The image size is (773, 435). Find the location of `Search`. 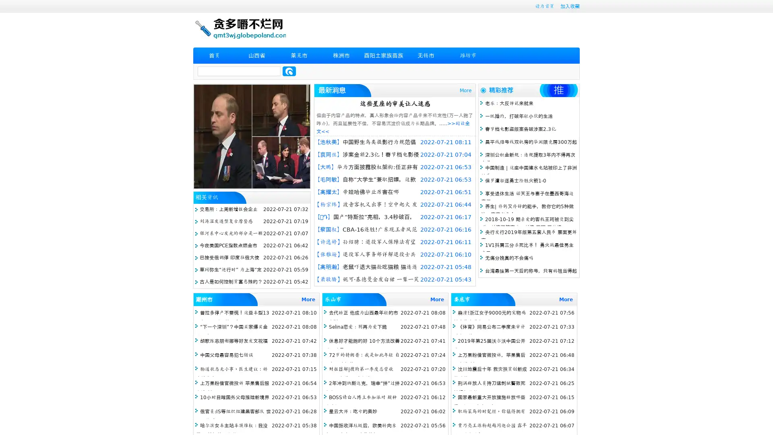

Search is located at coordinates (289, 71).